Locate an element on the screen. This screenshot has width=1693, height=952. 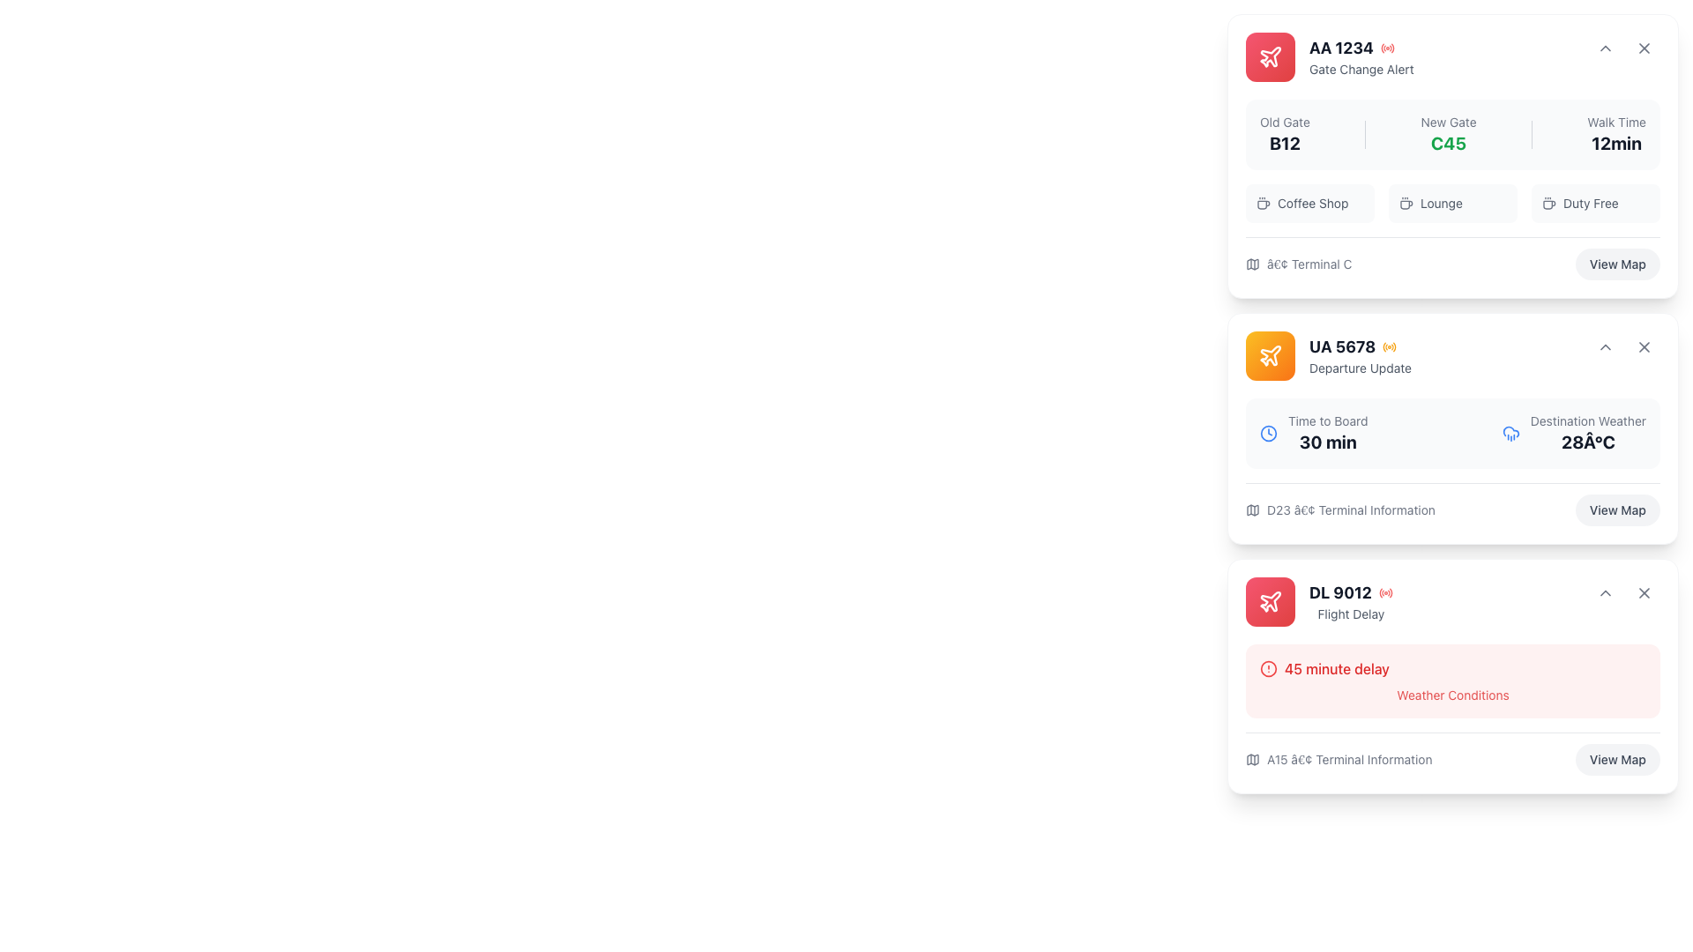
the red alert icon indicating a warning for flight DL 9012, which is located beneath the title '45 minute delay' is located at coordinates (1268, 669).